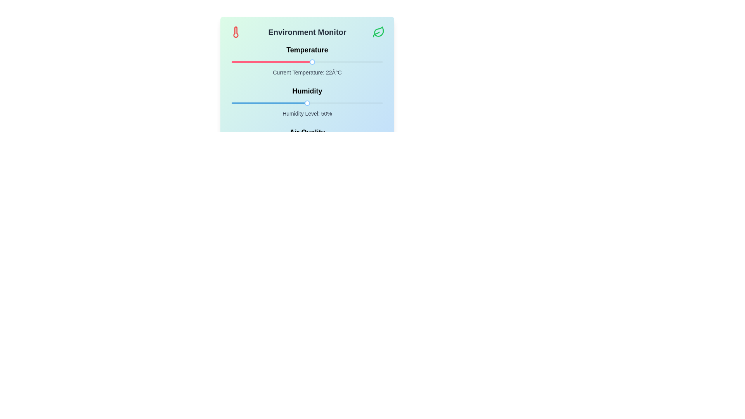 This screenshot has height=419, width=745. Describe the element at coordinates (284, 61) in the screenshot. I see `the temperature slider` at that location.